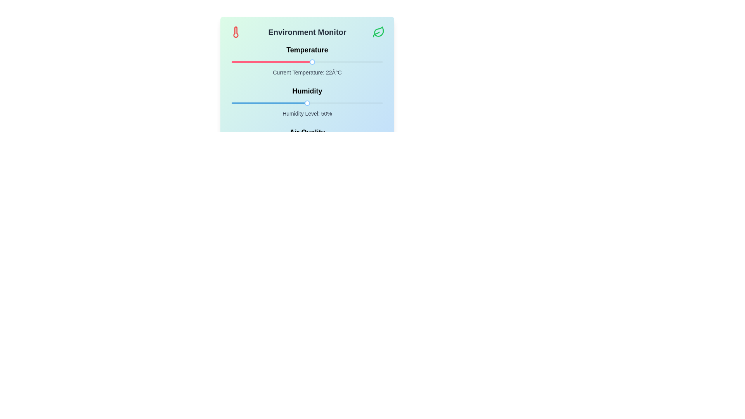 This screenshot has height=419, width=745. Describe the element at coordinates (284, 61) in the screenshot. I see `the temperature slider` at that location.